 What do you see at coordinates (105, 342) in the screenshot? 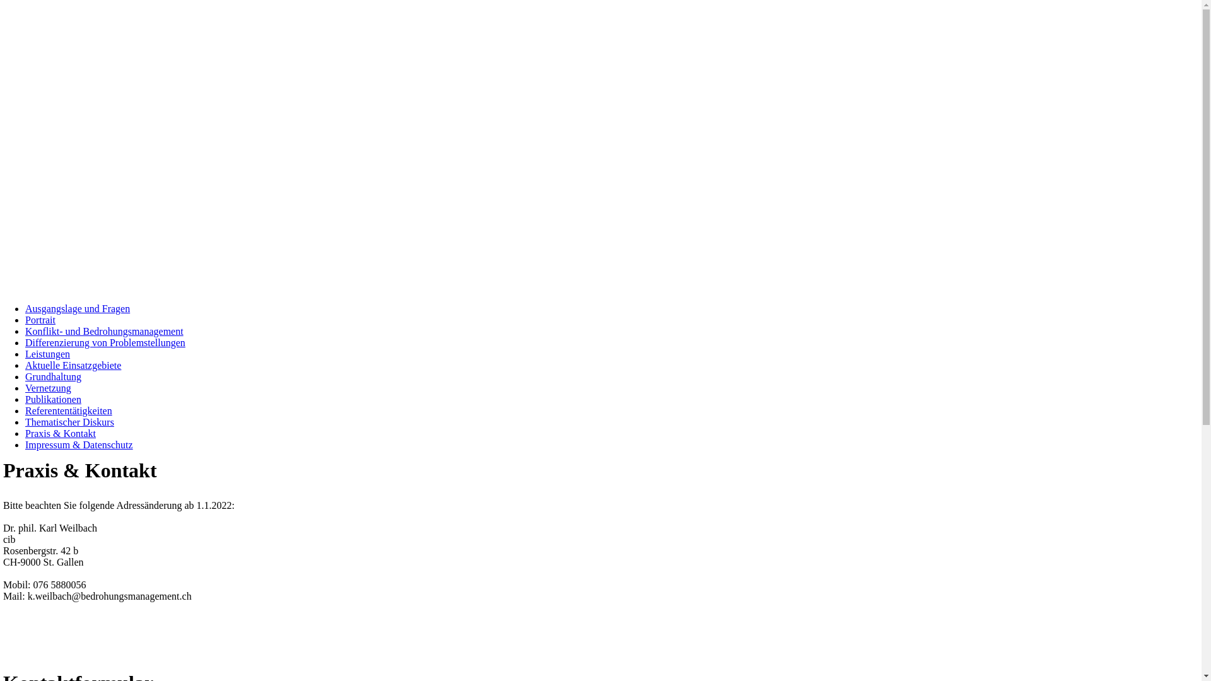
I see `'Differenzierung von Problemstellungen'` at bounding box center [105, 342].